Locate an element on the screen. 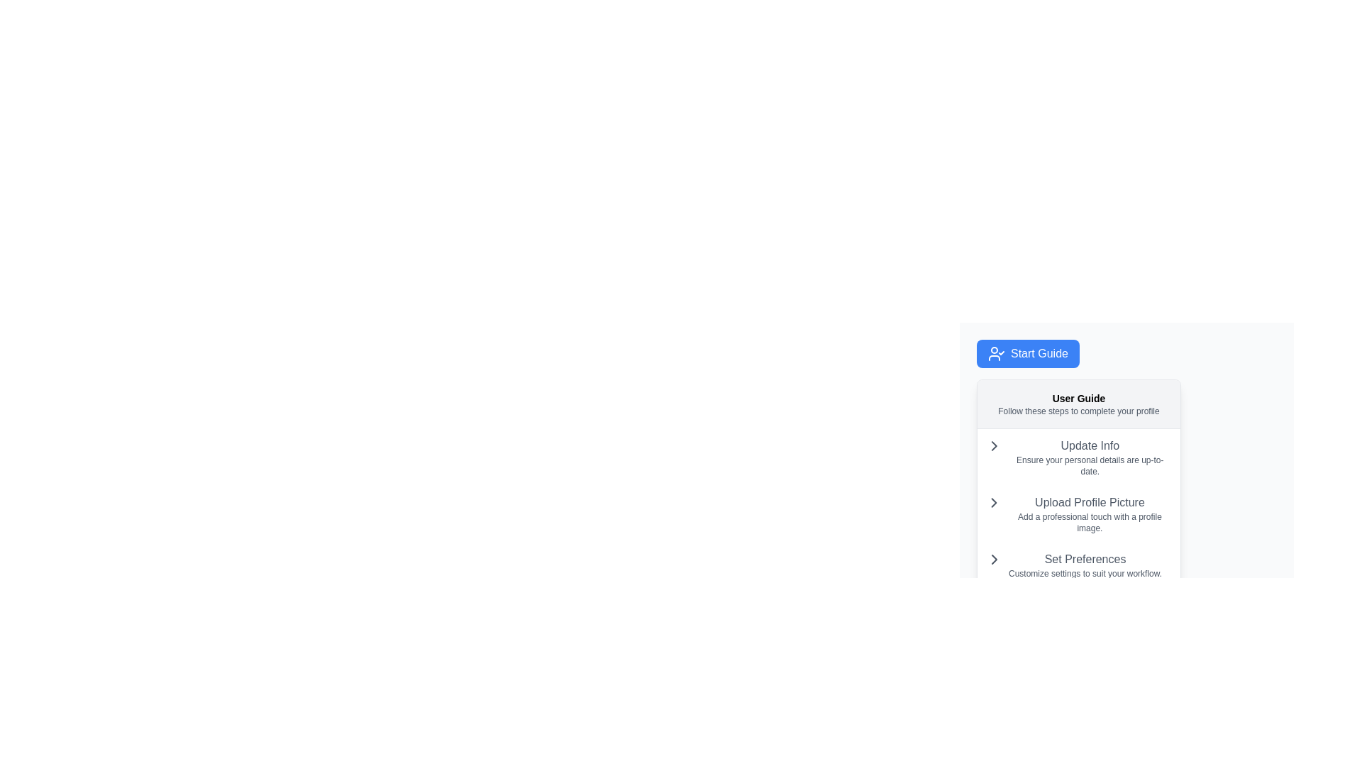 The height and width of the screenshot is (766, 1362). the second item in the vertical list that informs the user about updating their personal details is located at coordinates (1089, 457).